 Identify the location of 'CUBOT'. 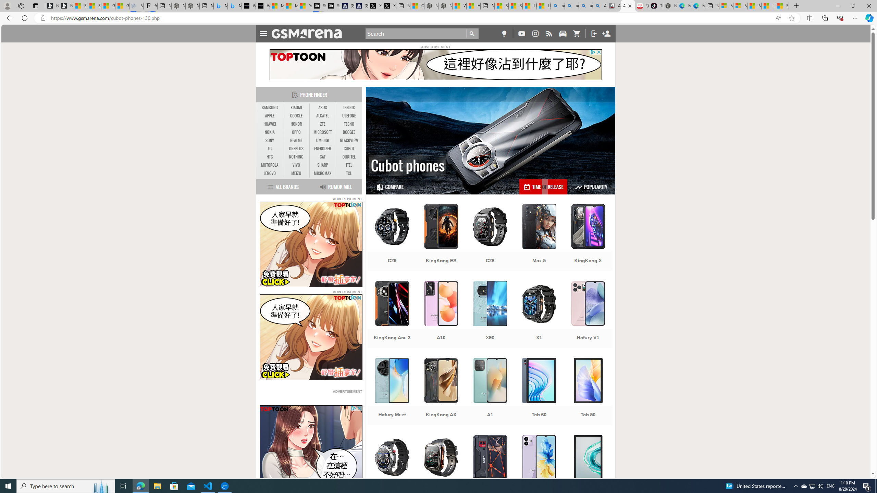
(349, 148).